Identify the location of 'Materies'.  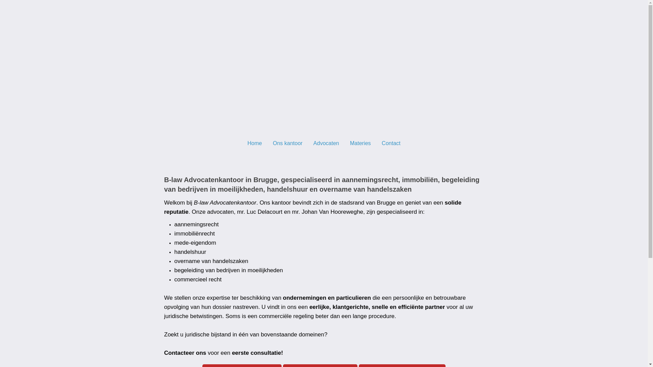
(360, 142).